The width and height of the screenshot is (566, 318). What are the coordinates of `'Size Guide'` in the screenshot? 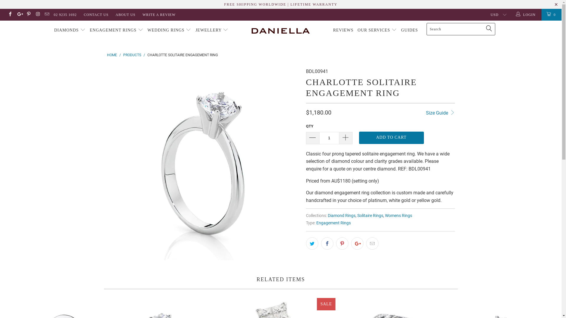 It's located at (440, 112).